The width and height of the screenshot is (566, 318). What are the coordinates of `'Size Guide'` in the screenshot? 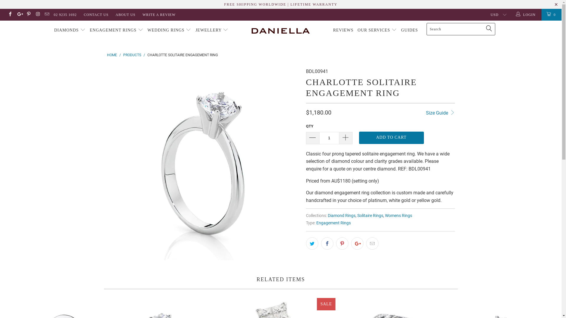 It's located at (440, 112).